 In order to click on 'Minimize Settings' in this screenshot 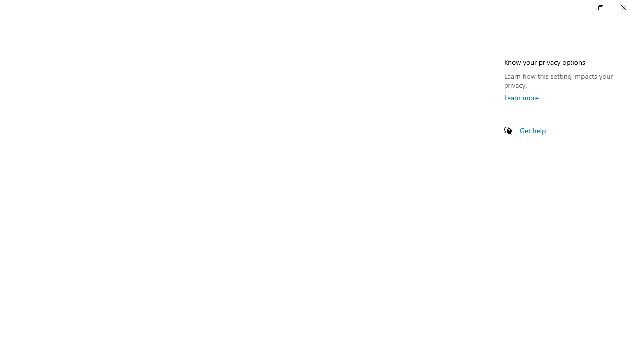, I will do `click(577, 7)`.